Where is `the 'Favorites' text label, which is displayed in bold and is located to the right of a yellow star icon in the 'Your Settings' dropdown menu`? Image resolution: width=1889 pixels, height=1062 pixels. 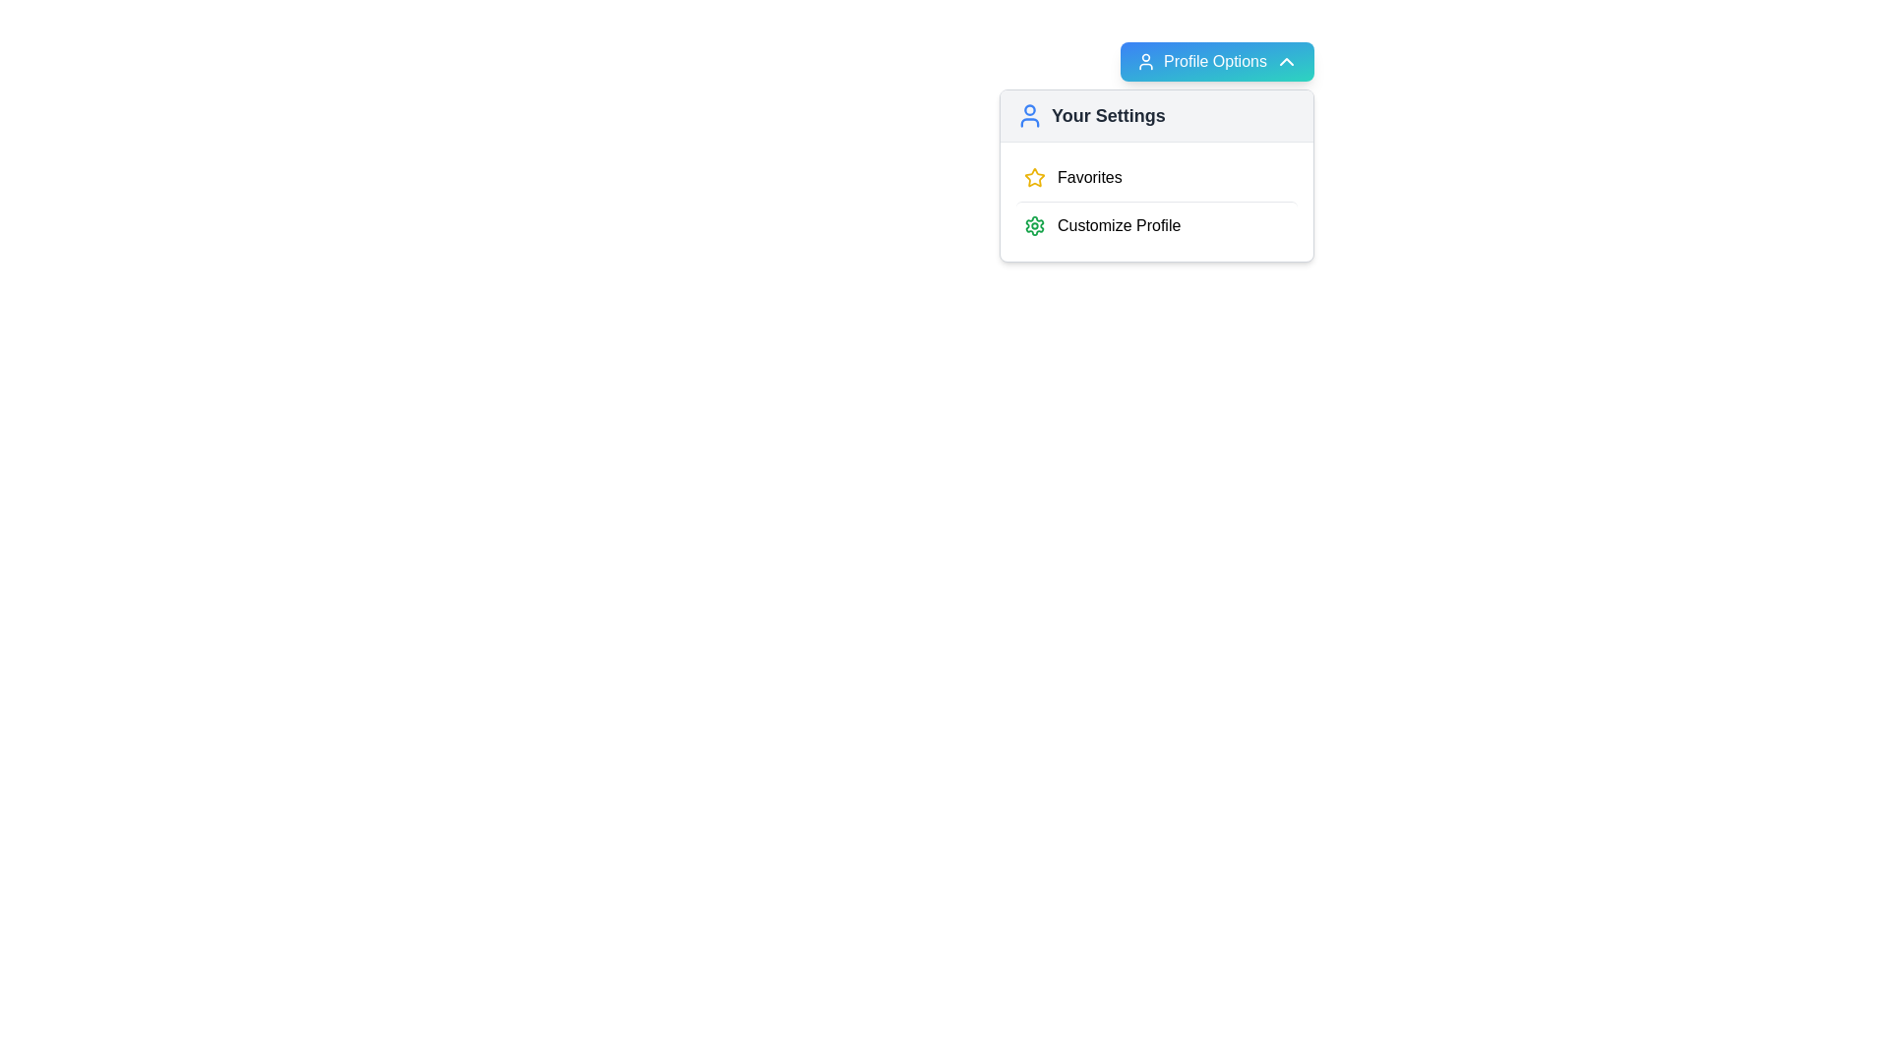 the 'Favorites' text label, which is displayed in bold and is located to the right of a yellow star icon in the 'Your Settings' dropdown menu is located at coordinates (1088, 178).